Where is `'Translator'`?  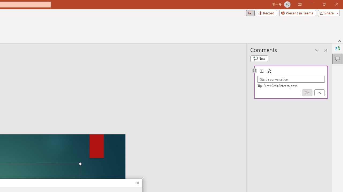
'Translator' is located at coordinates (337, 48).